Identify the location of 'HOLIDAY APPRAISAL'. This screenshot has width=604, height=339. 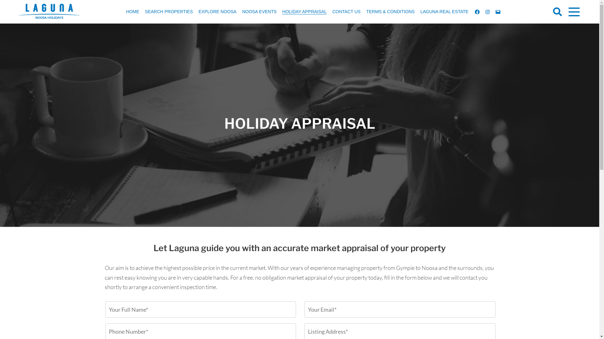
(304, 12).